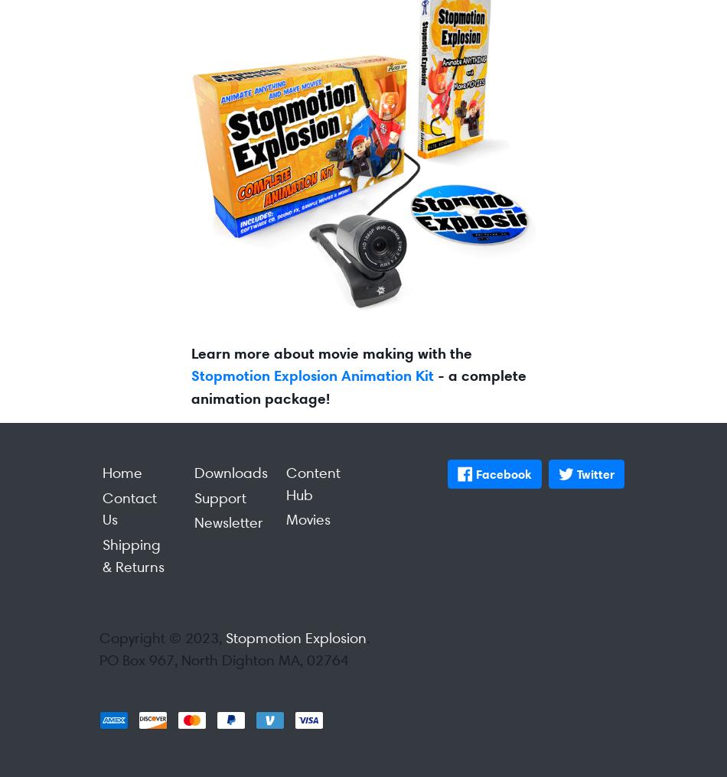 Image resolution: width=727 pixels, height=777 pixels. Describe the element at coordinates (504, 473) in the screenshot. I see `'Facebook'` at that location.